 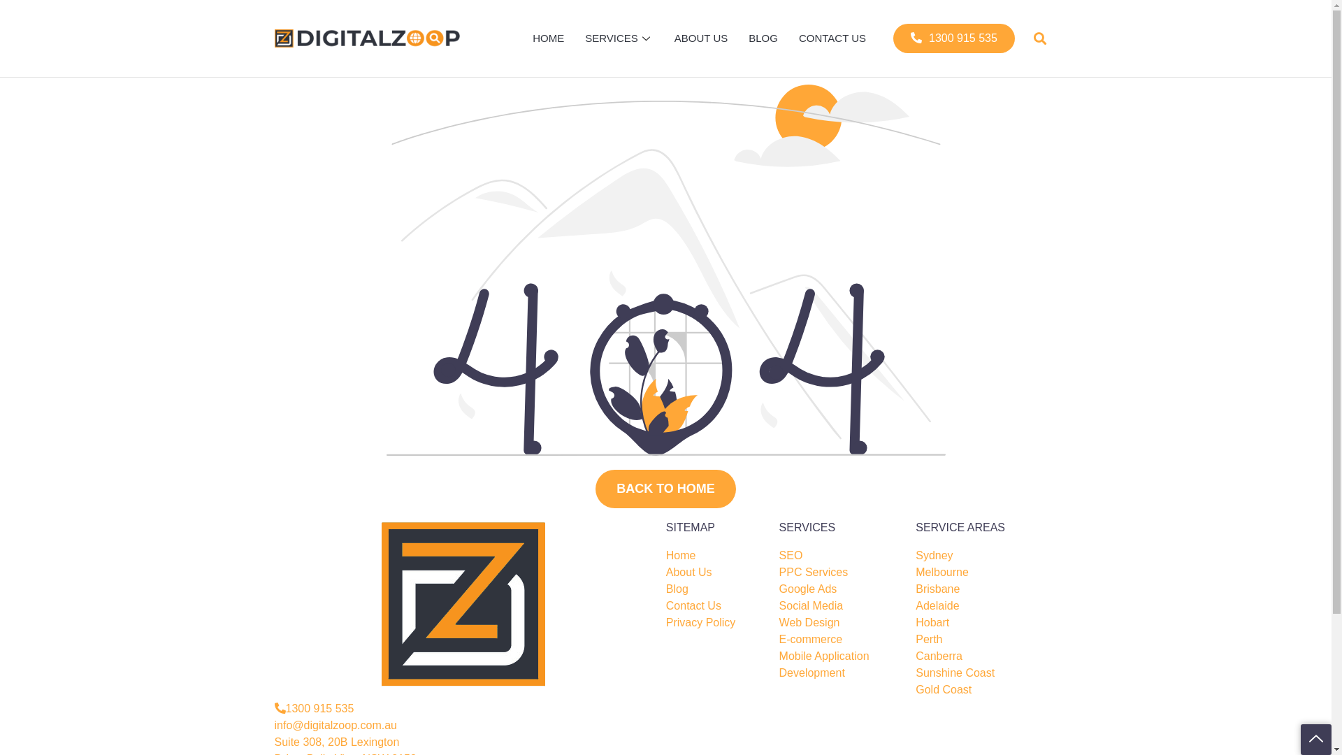 What do you see at coordinates (811, 605) in the screenshot?
I see `'Social Media'` at bounding box center [811, 605].